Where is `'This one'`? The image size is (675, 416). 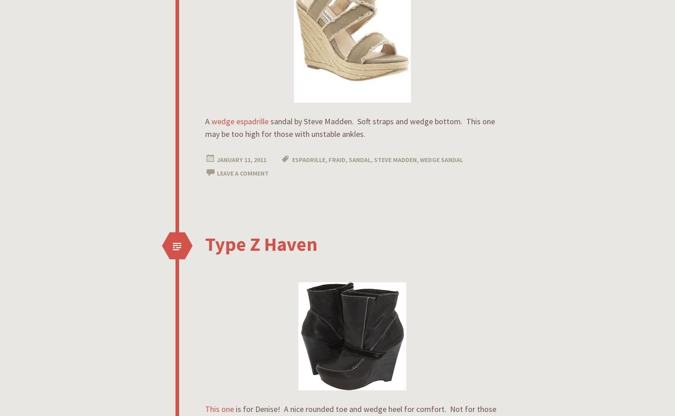
'This one' is located at coordinates (220, 409).